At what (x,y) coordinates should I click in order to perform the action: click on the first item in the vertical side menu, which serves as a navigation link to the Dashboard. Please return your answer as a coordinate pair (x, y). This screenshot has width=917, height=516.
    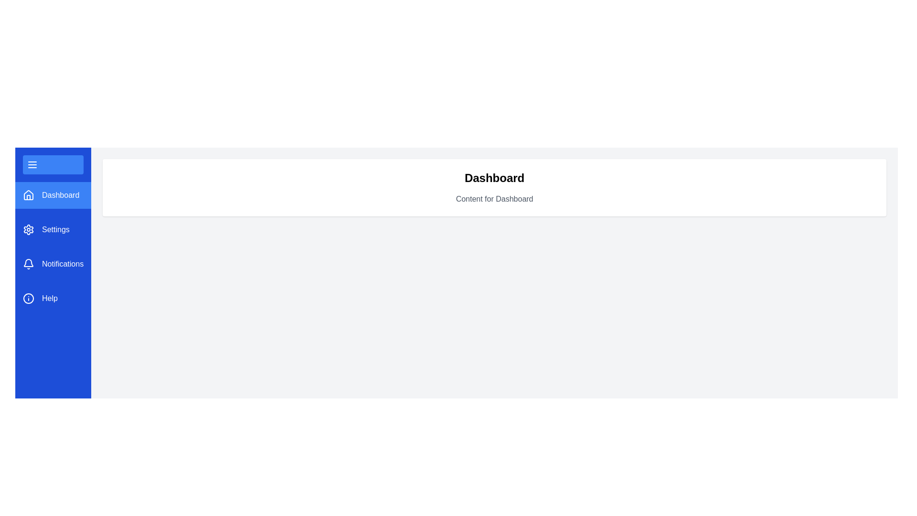
    Looking at the image, I should click on (53, 194).